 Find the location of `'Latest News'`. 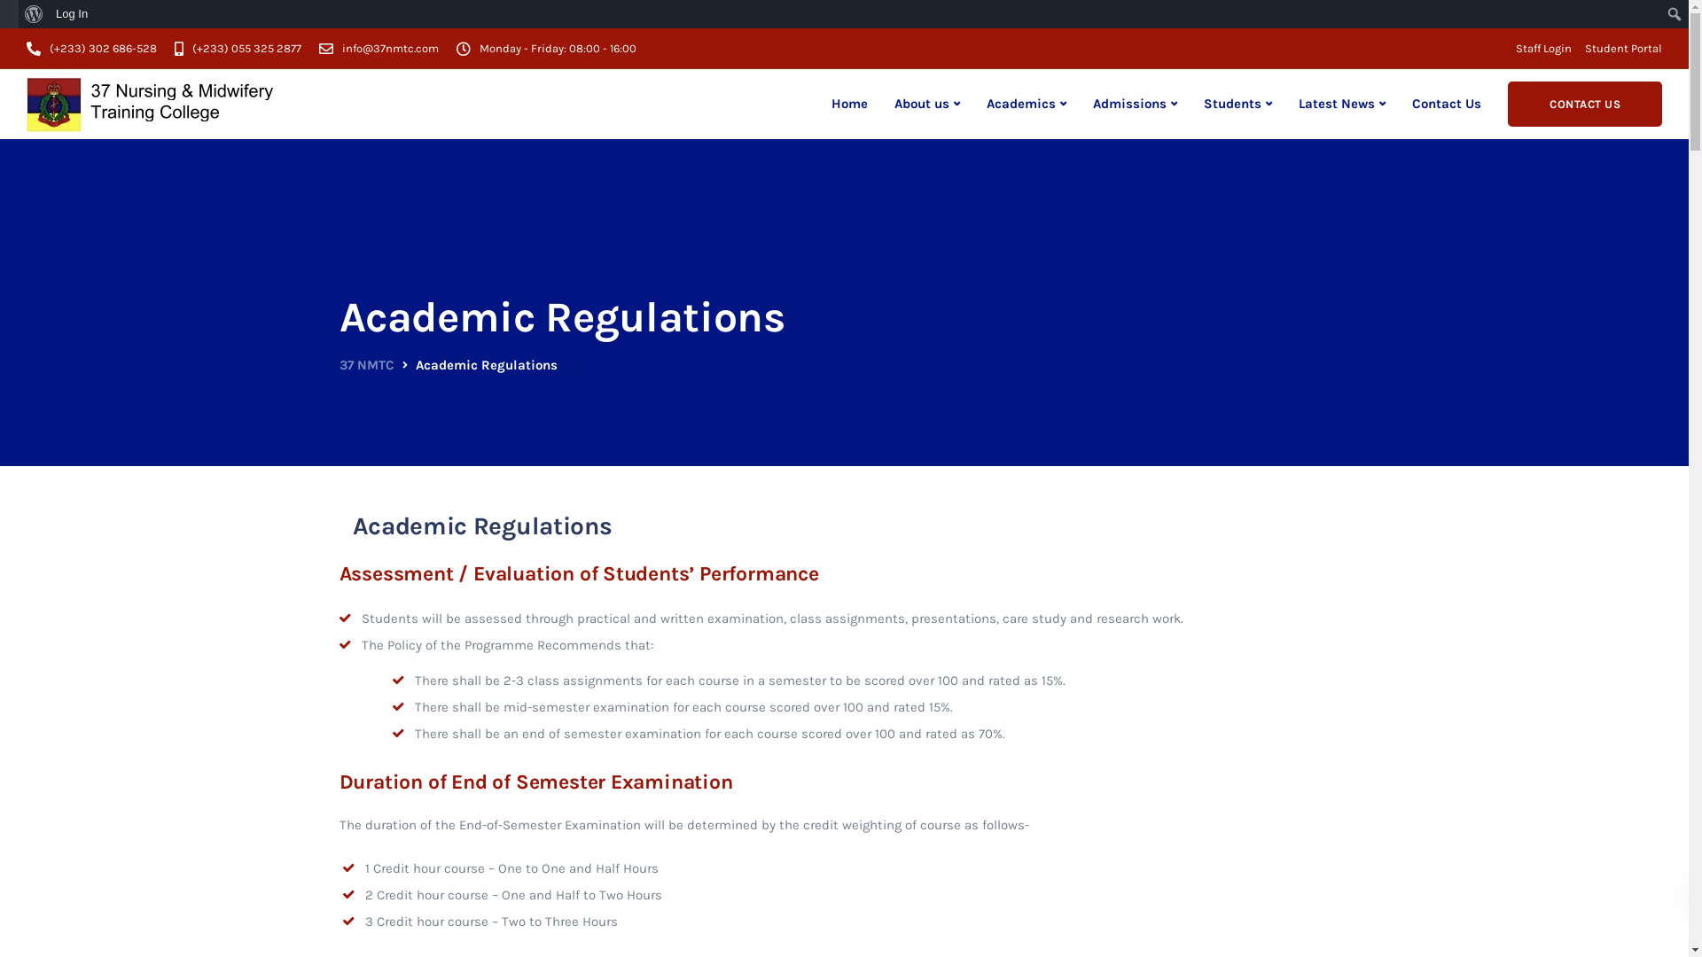

'Latest News' is located at coordinates (1341, 104).